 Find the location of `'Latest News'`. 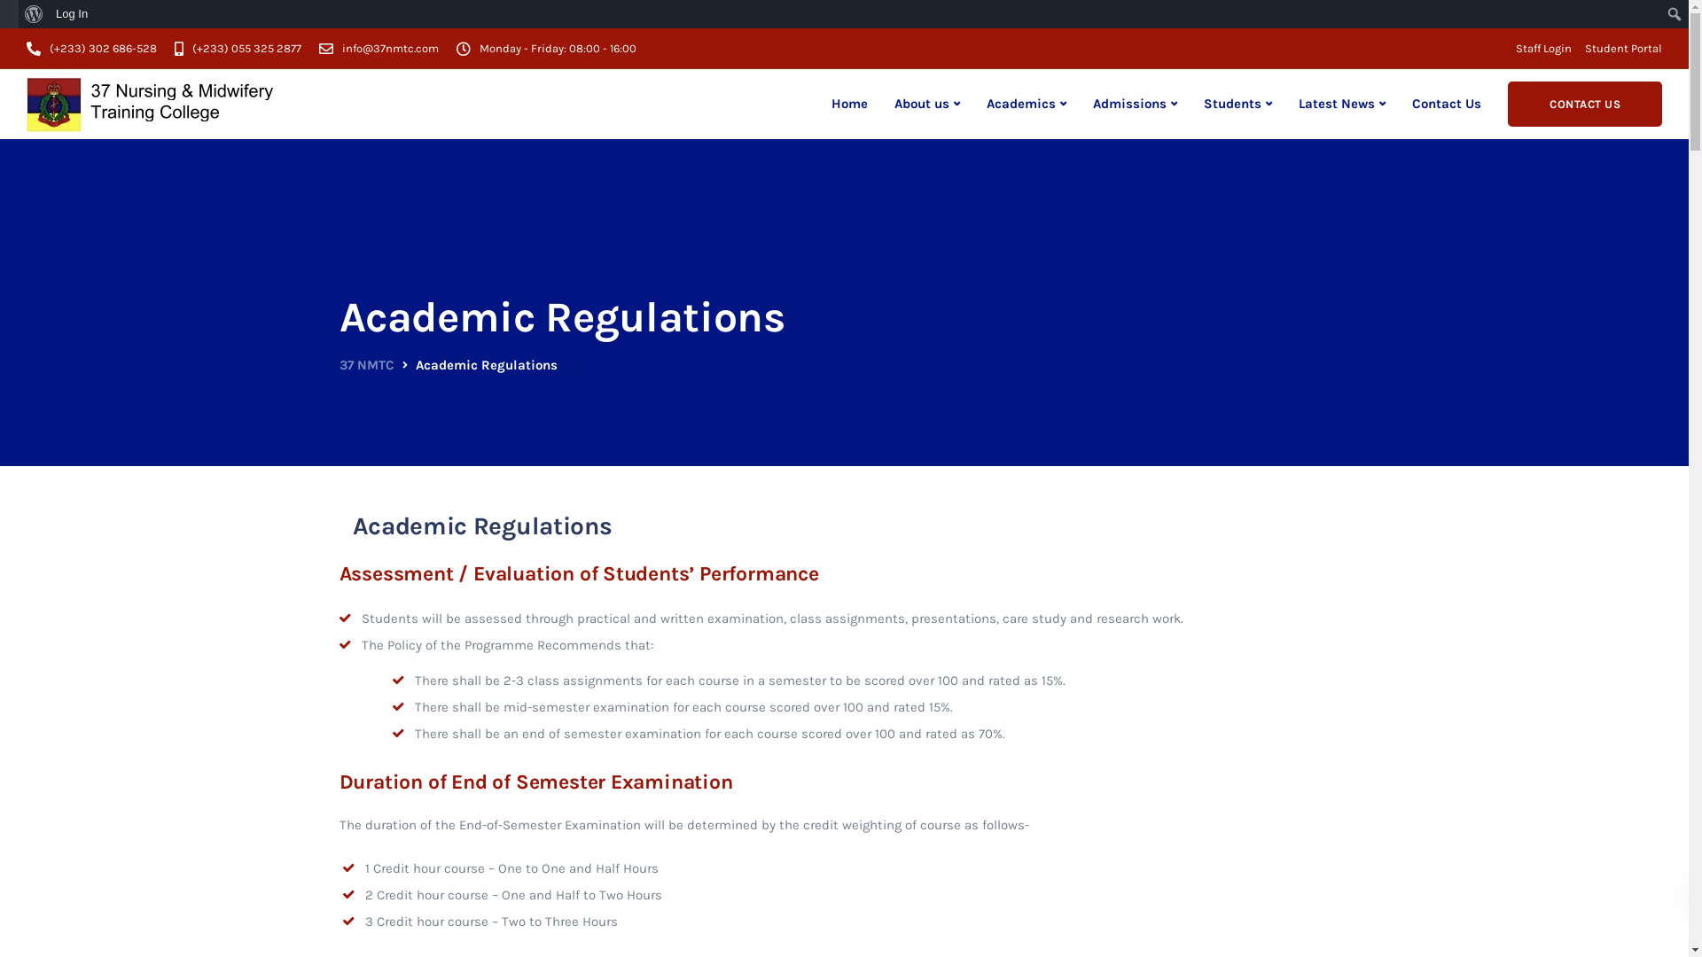

'Latest News' is located at coordinates (1341, 104).